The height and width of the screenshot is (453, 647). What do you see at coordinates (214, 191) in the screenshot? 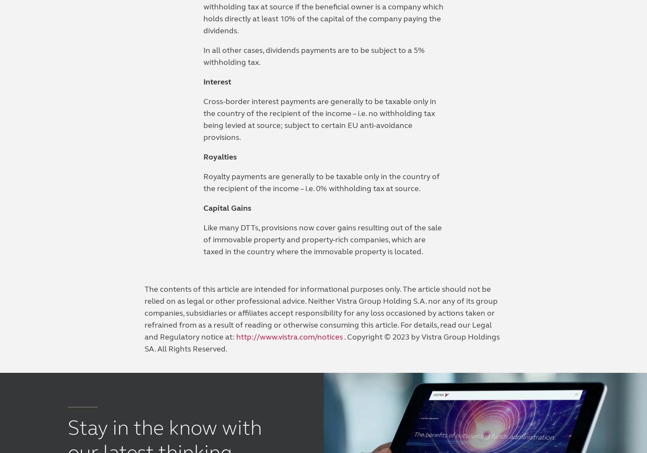
I see `'Insights'` at bounding box center [214, 191].